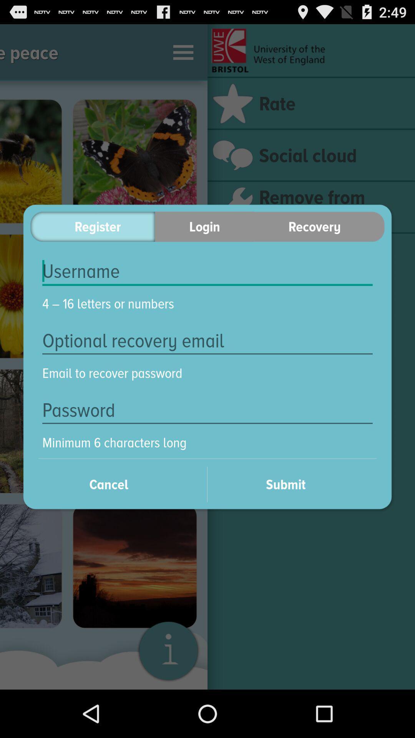 The width and height of the screenshot is (415, 738). Describe the element at coordinates (92, 226) in the screenshot. I see `the register` at that location.